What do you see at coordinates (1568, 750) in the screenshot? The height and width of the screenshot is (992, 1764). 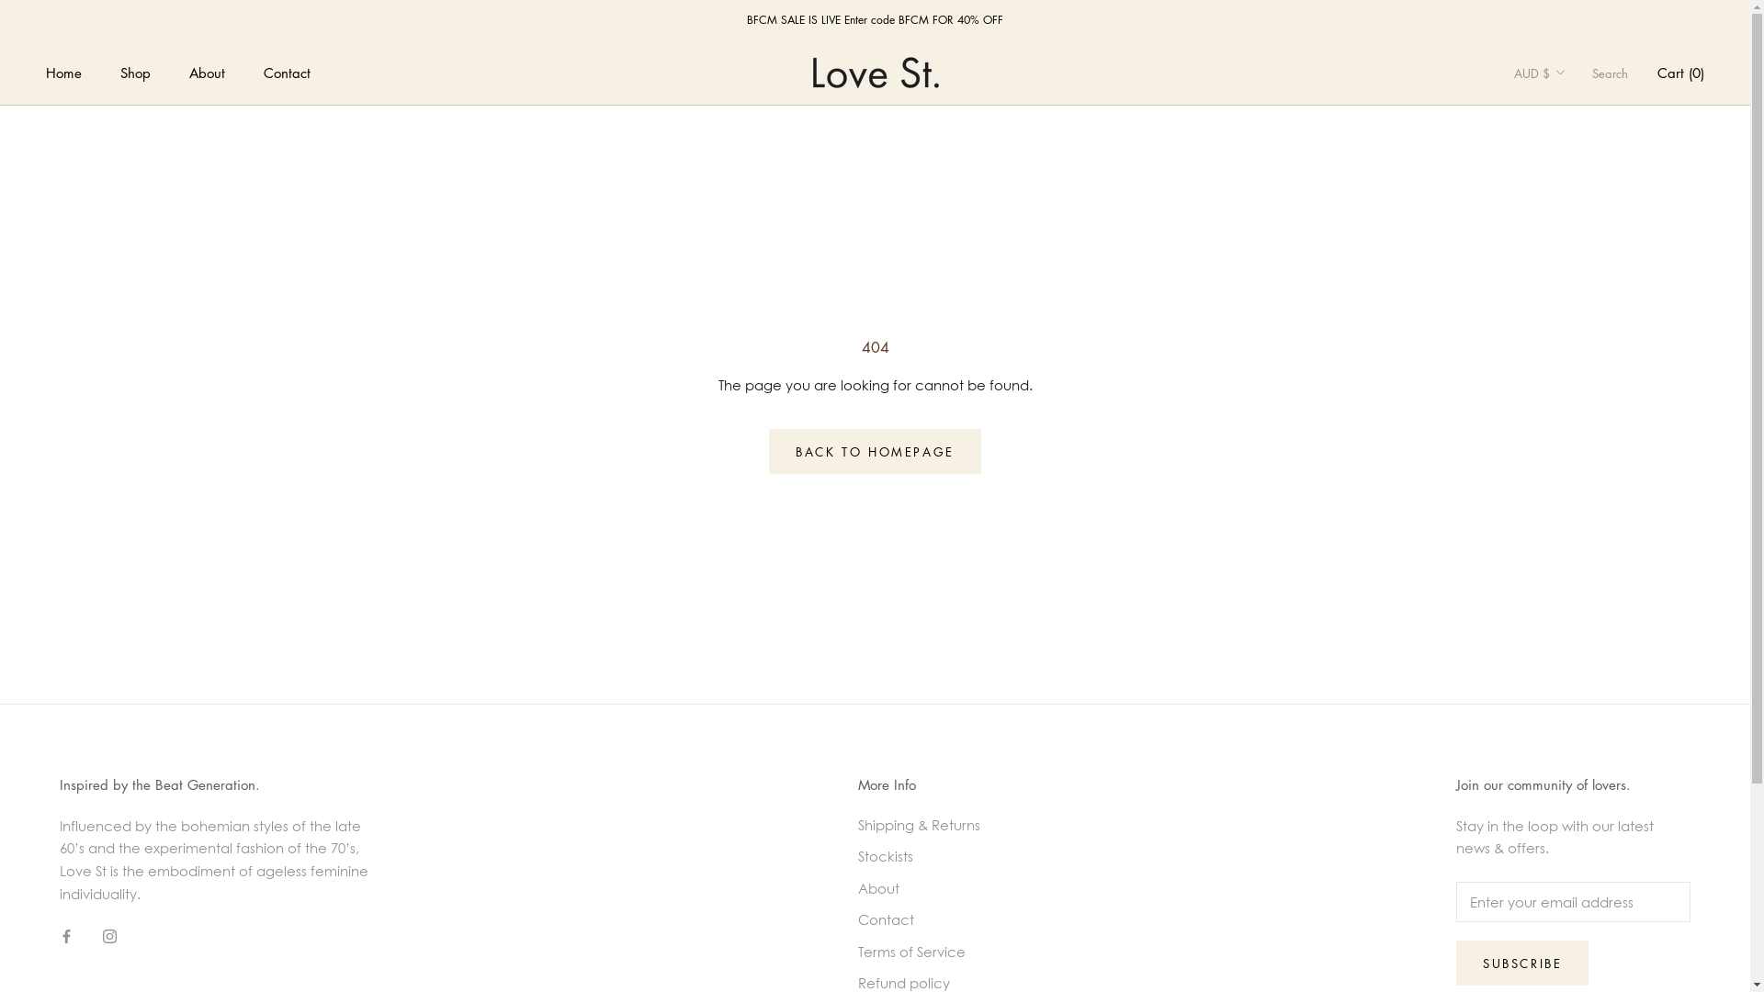 I see `'CRC'` at bounding box center [1568, 750].